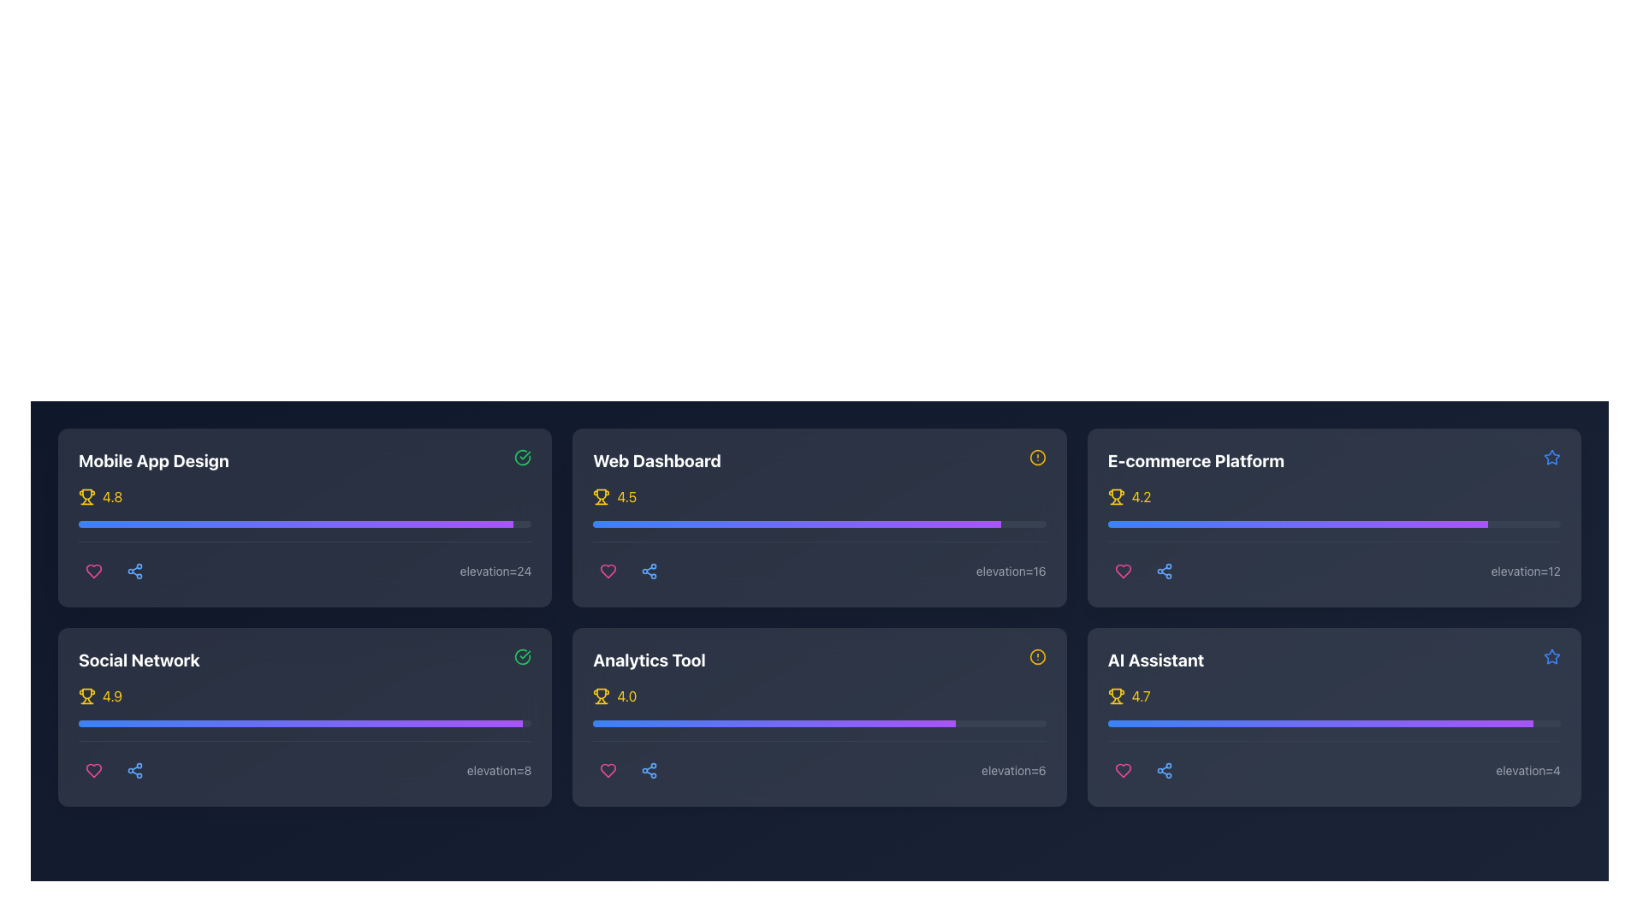  I want to click on the heart icon button located at the bottom left corner of the 'Web Dashboard' card to like the content, so click(608, 571).